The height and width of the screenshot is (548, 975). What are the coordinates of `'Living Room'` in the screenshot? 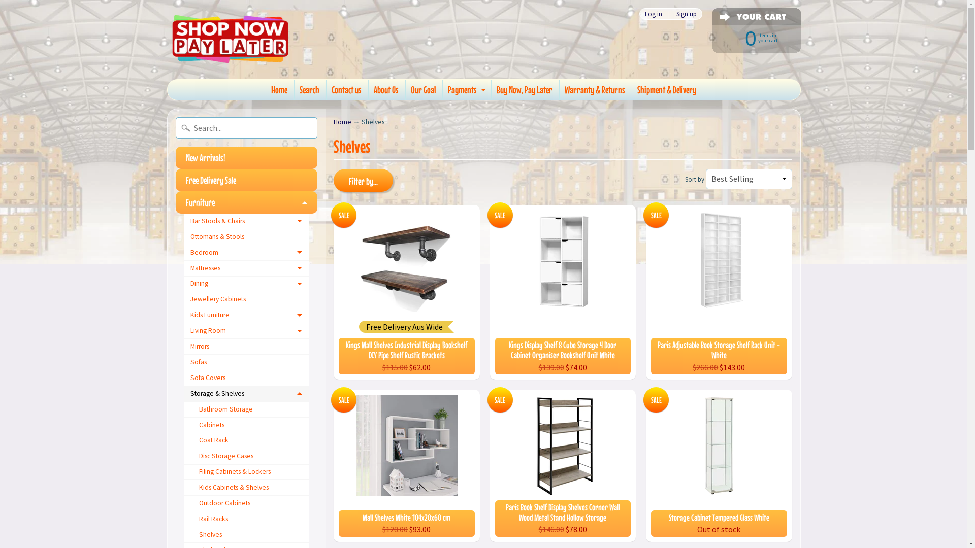 It's located at (246, 331).